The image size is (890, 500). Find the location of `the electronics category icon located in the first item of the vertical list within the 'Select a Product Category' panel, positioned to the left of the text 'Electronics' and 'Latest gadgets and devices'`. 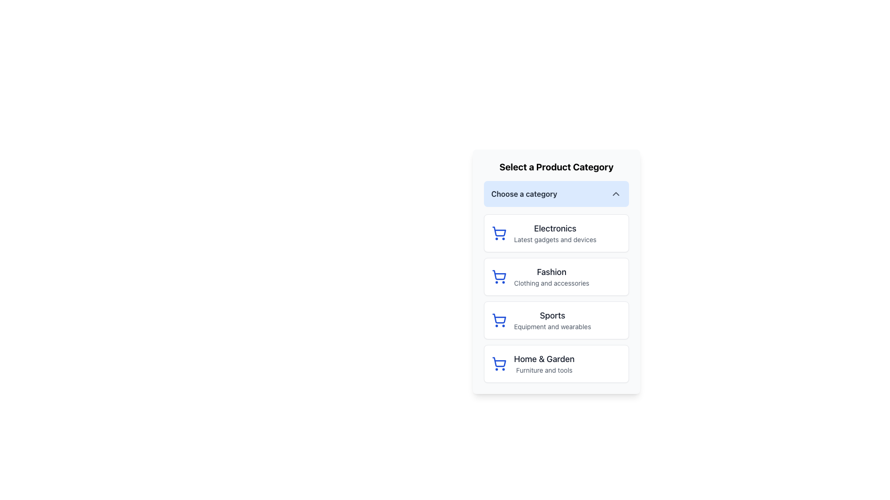

the electronics category icon located in the first item of the vertical list within the 'Select a Product Category' panel, positioned to the left of the text 'Electronics' and 'Latest gadgets and devices' is located at coordinates (498, 233).